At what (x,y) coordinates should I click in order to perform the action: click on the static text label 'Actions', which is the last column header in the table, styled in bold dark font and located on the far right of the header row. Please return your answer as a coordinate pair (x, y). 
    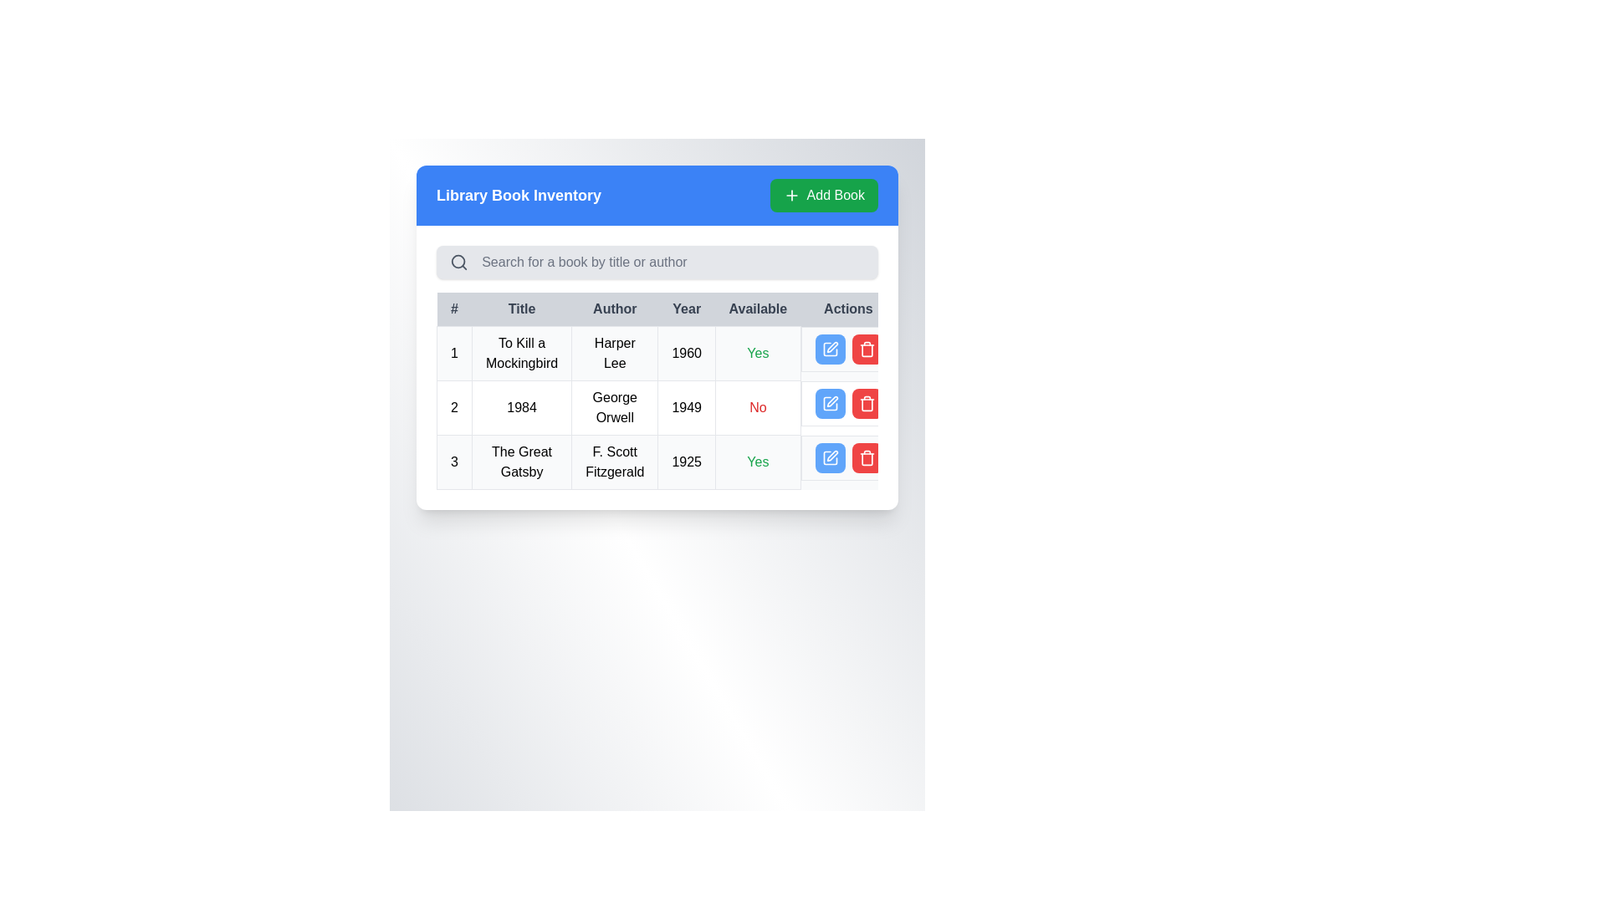
    Looking at the image, I should click on (848, 309).